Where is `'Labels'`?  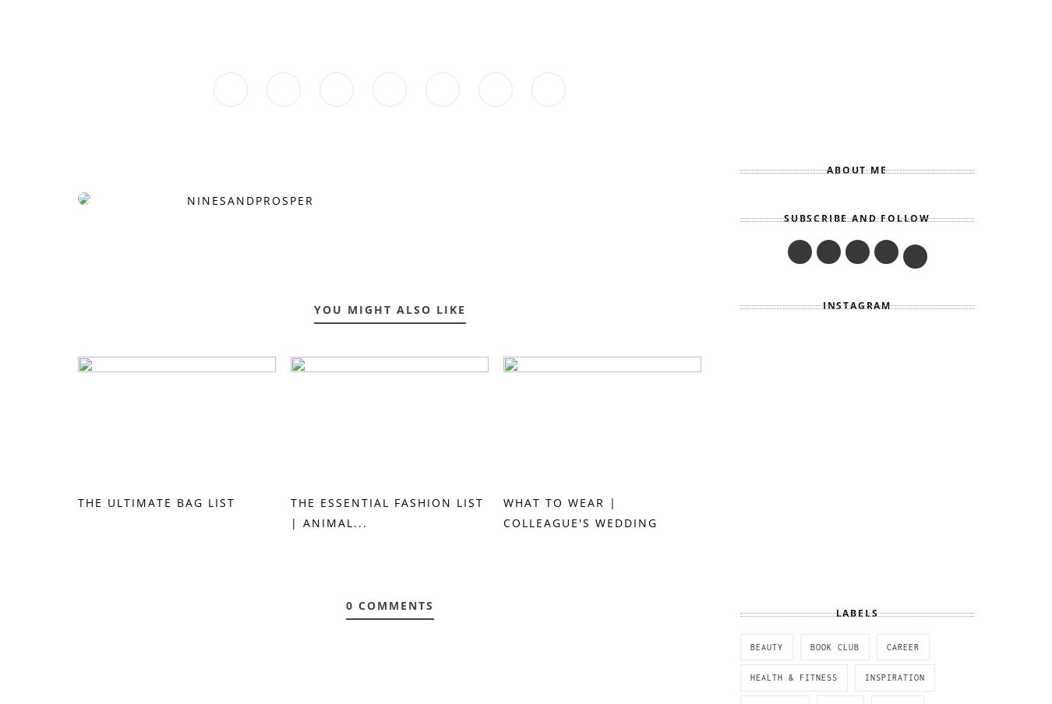
'Labels' is located at coordinates (856, 612).